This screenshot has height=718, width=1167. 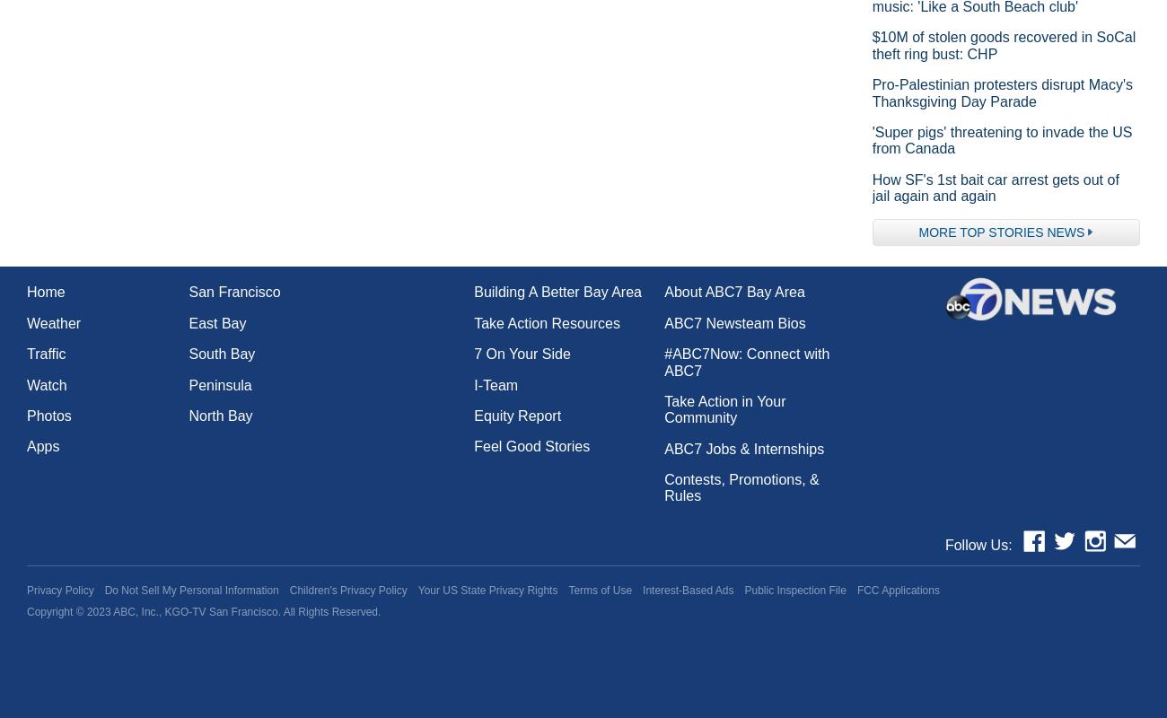 What do you see at coordinates (102, 590) in the screenshot?
I see `'Do Not Sell My Personal Information'` at bounding box center [102, 590].